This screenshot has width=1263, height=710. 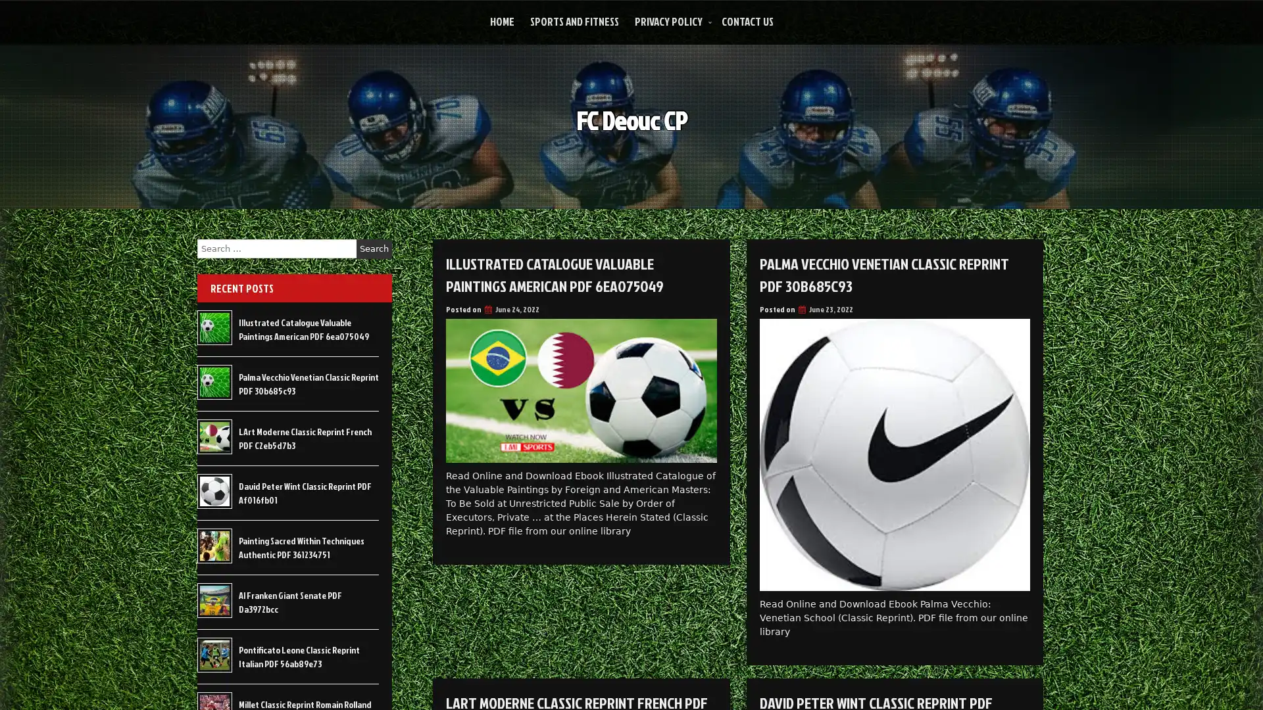 I want to click on Search, so click(x=374, y=248).